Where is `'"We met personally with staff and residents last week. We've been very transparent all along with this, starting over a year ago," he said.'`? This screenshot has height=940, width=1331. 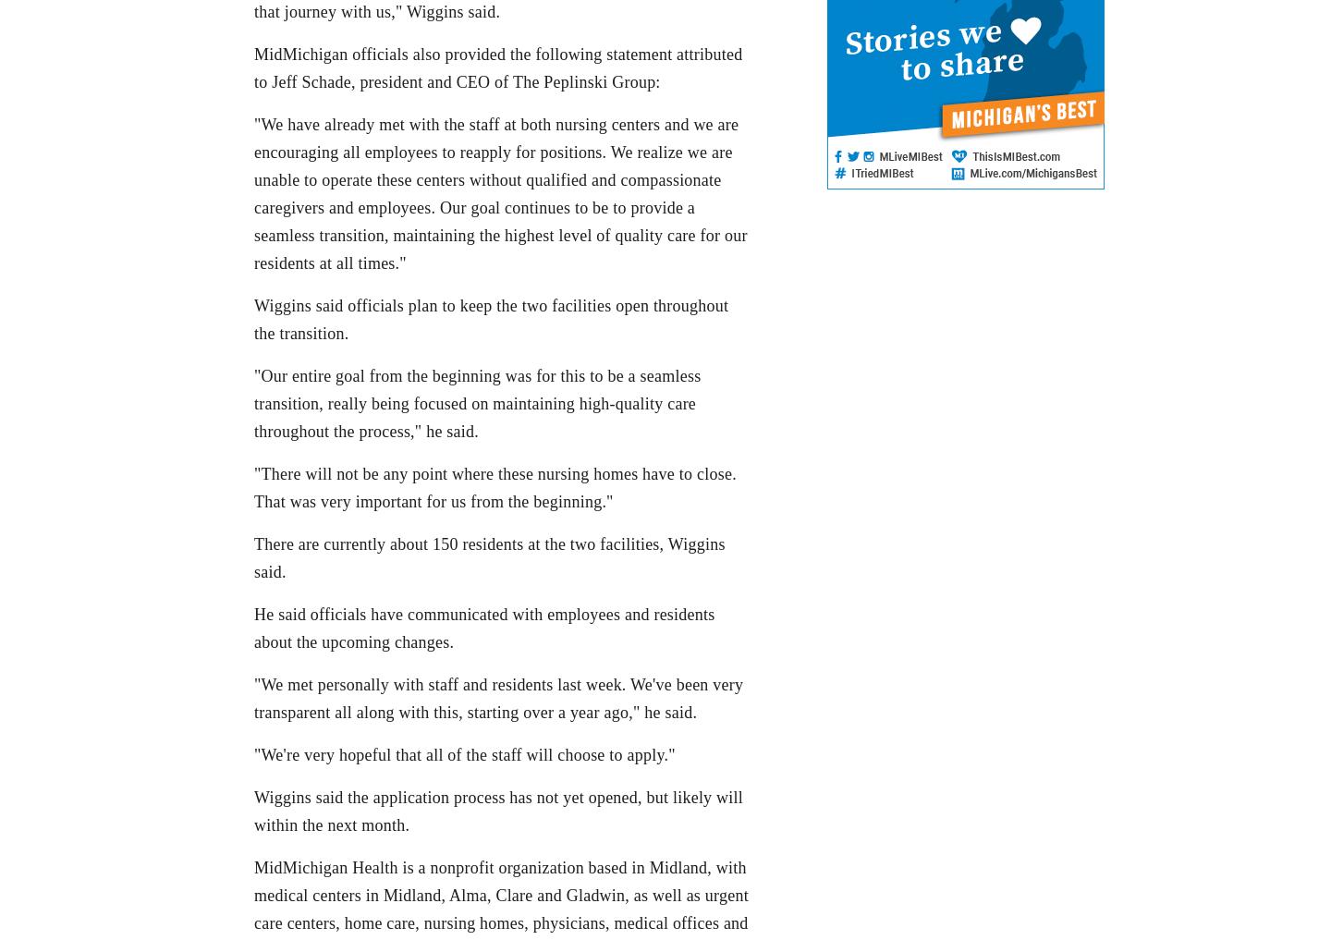 '"We met personally with staff and residents last week. We've been very transparent all along with this, starting over a year ago," he said.' is located at coordinates (497, 698).